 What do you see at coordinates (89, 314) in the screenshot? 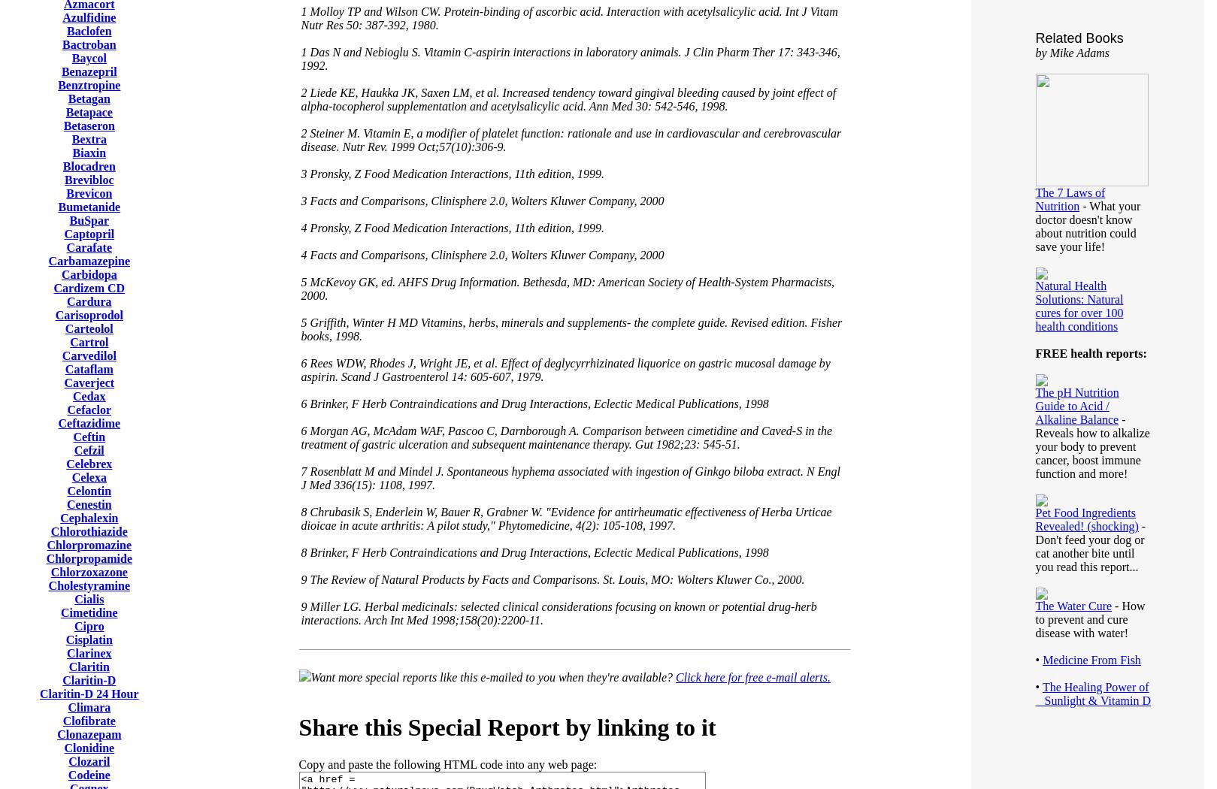
I see `'Carisoprodol'` at bounding box center [89, 314].